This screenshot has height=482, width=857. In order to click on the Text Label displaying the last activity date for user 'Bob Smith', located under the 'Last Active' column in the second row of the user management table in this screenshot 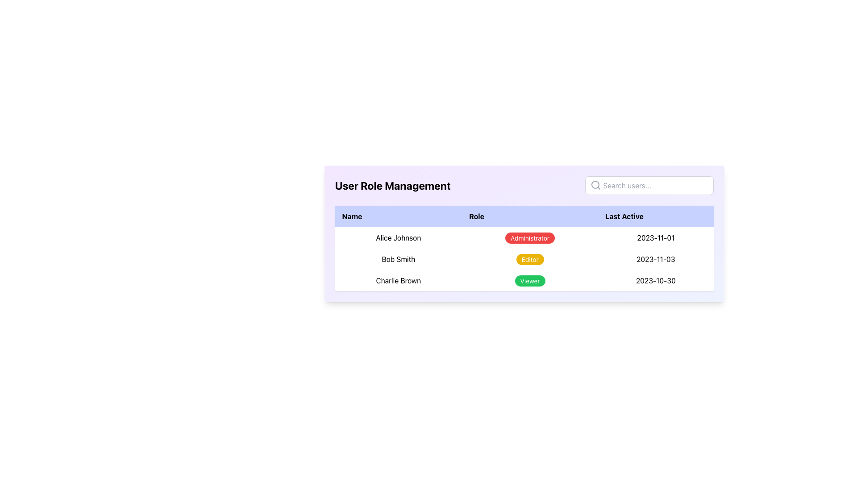, I will do `click(656, 259)`.